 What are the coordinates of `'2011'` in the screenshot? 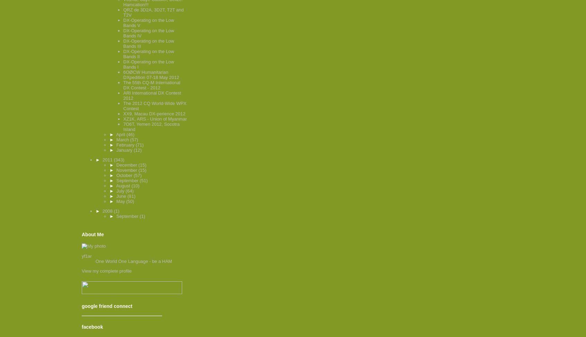 It's located at (108, 160).